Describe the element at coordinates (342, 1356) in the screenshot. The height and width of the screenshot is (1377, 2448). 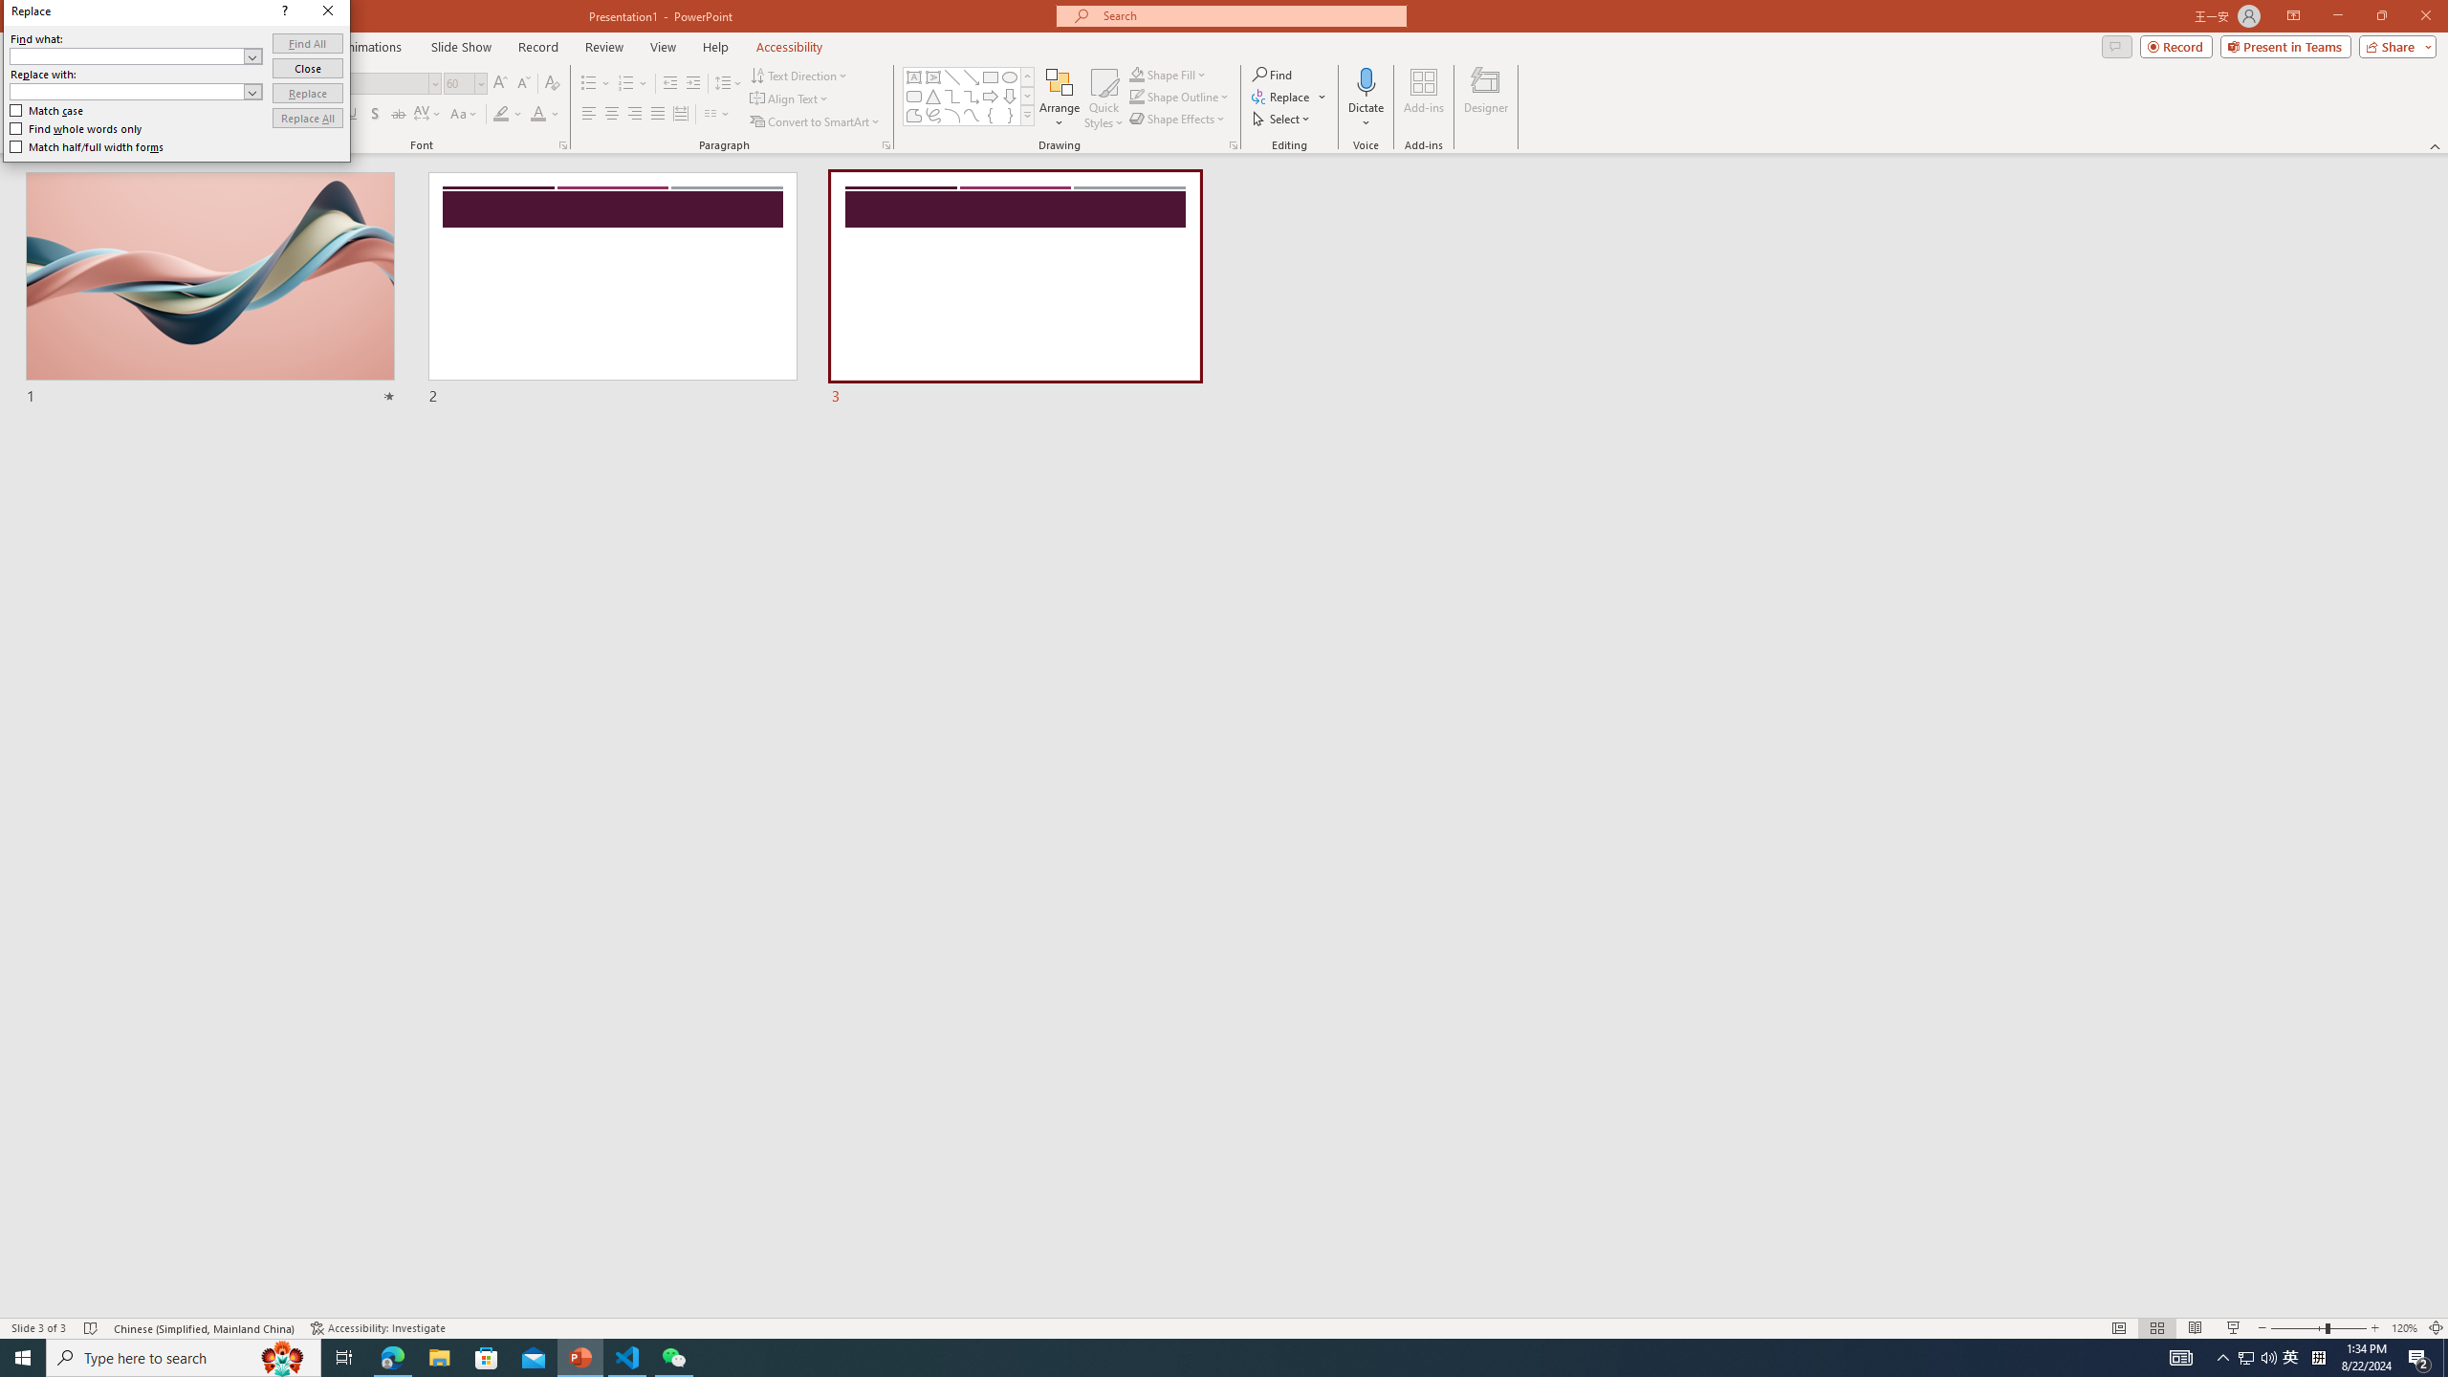
I see `'Task View'` at that location.